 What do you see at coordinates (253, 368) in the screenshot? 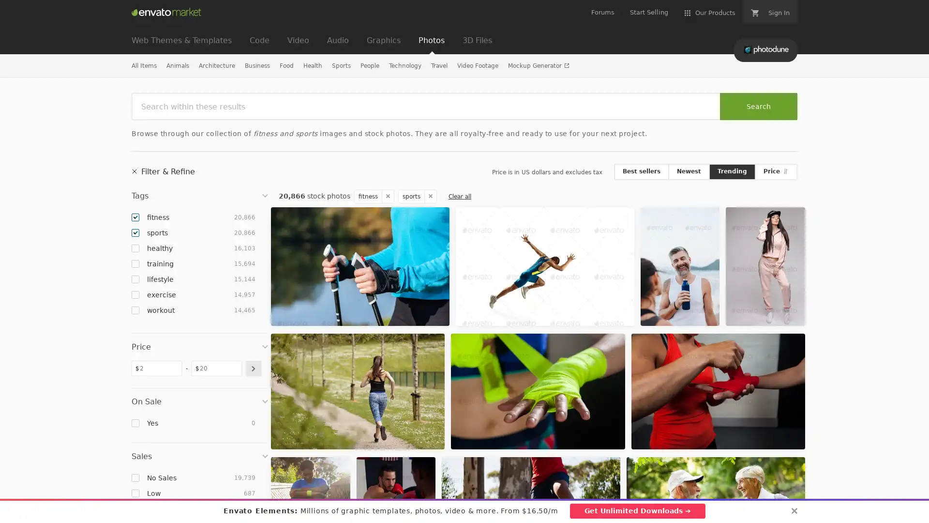
I see `submit` at bounding box center [253, 368].